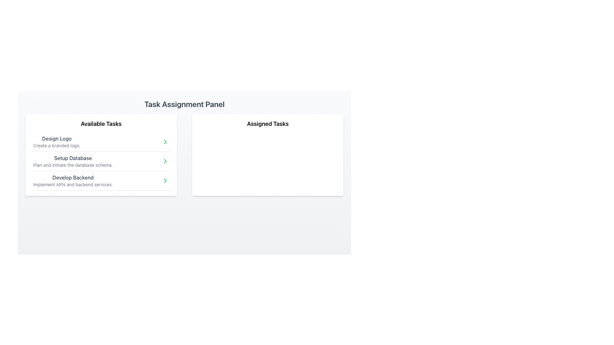 Image resolution: width=614 pixels, height=345 pixels. Describe the element at coordinates (57, 138) in the screenshot. I see `the 'Design Logo' text label in the 'Available Tasks' section, which serves as the header for the first task block` at that location.